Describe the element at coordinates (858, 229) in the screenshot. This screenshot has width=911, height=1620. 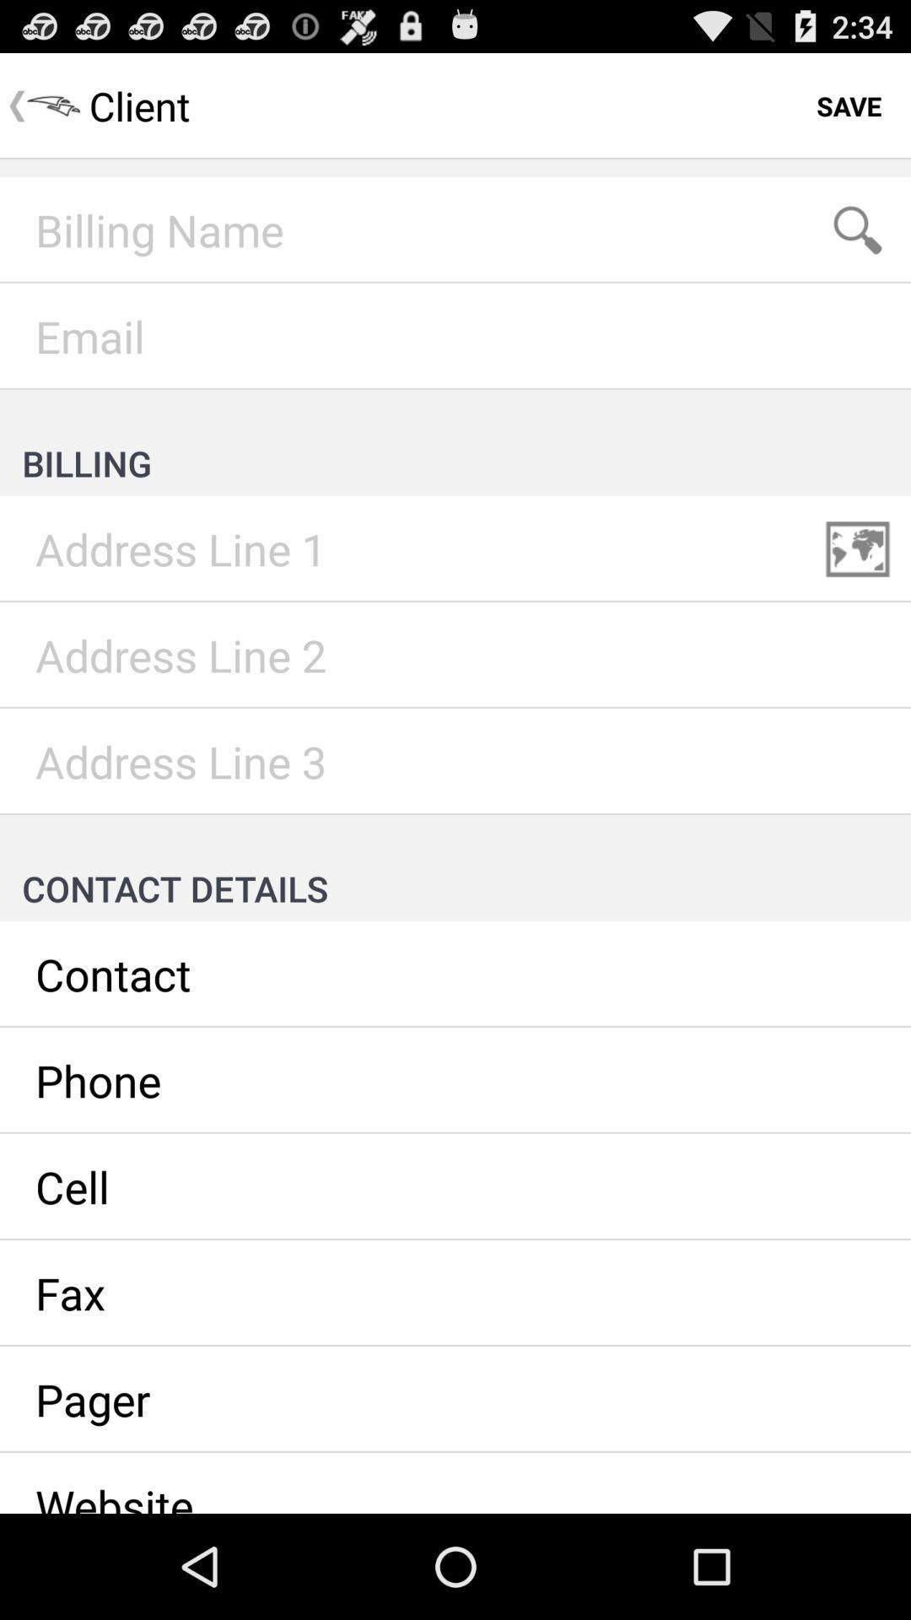
I see `search button` at that location.